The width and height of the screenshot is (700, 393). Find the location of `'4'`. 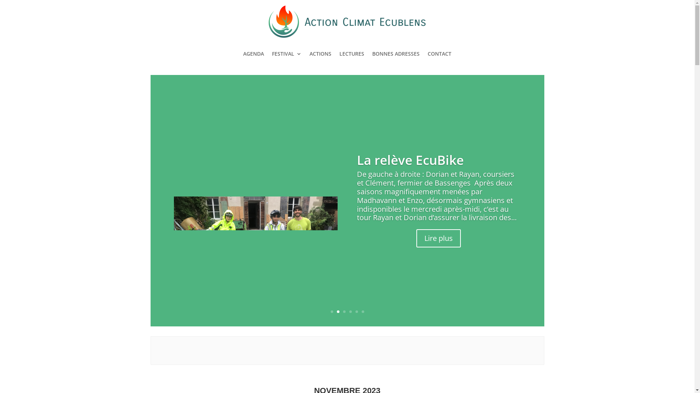

'4' is located at coordinates (350, 311).